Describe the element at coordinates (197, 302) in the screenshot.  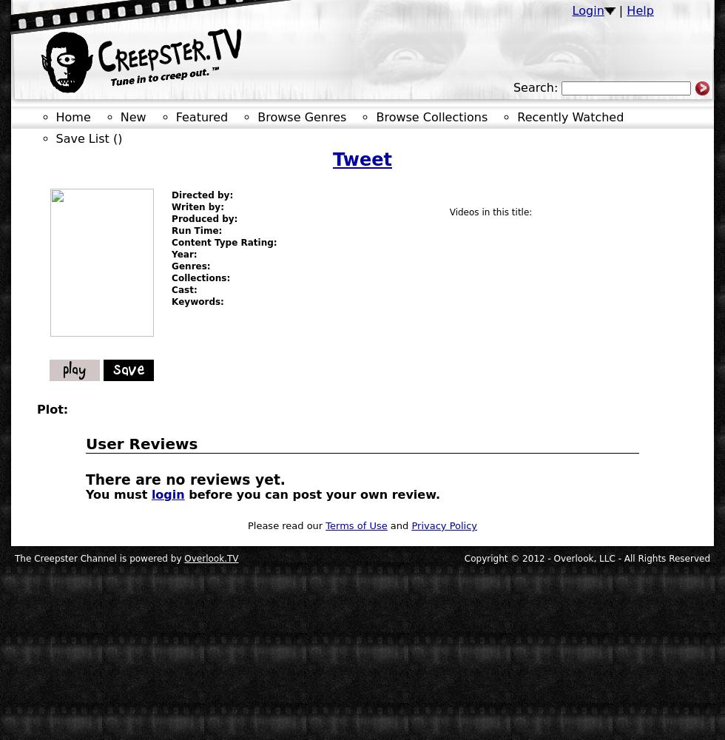
I see `'Keywords:'` at that location.